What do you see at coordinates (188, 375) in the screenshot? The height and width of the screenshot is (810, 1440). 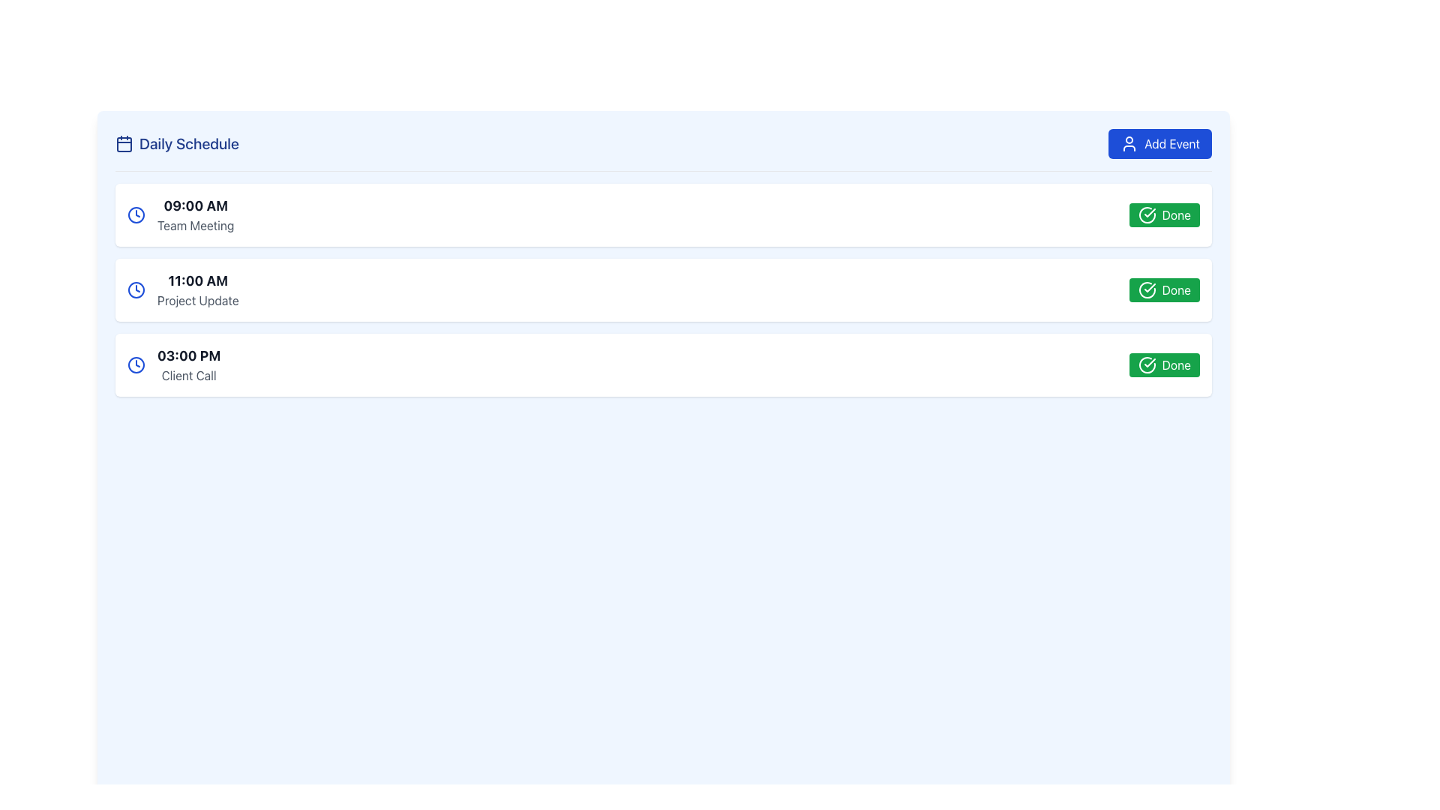 I see `the text label describing the event associated with 03:00 PM, located in the schedule list` at bounding box center [188, 375].